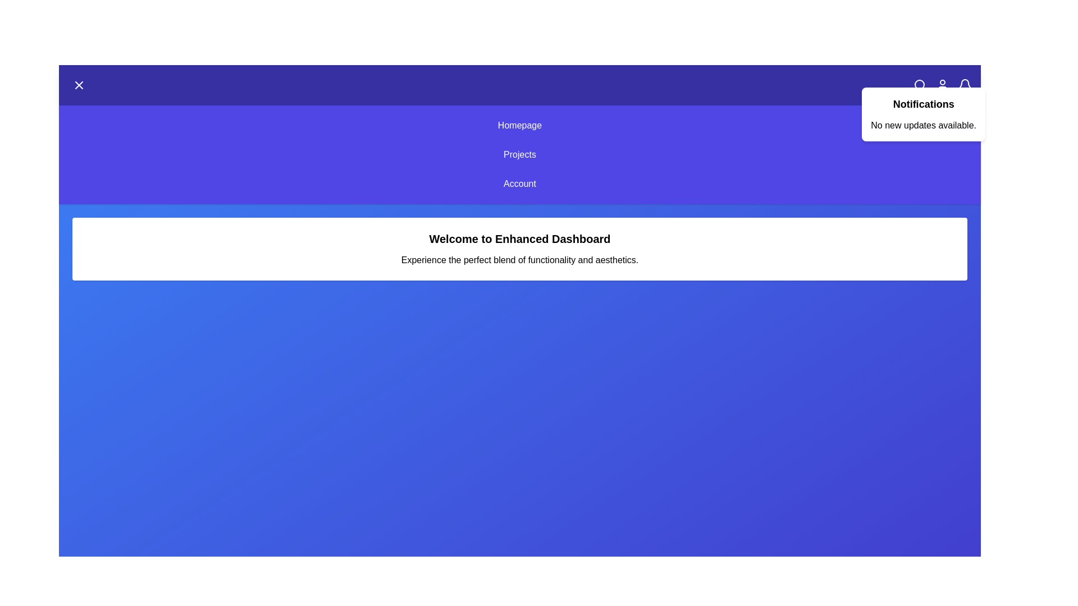 This screenshot has width=1078, height=606. I want to click on the menu item Projects from the available options, so click(519, 155).